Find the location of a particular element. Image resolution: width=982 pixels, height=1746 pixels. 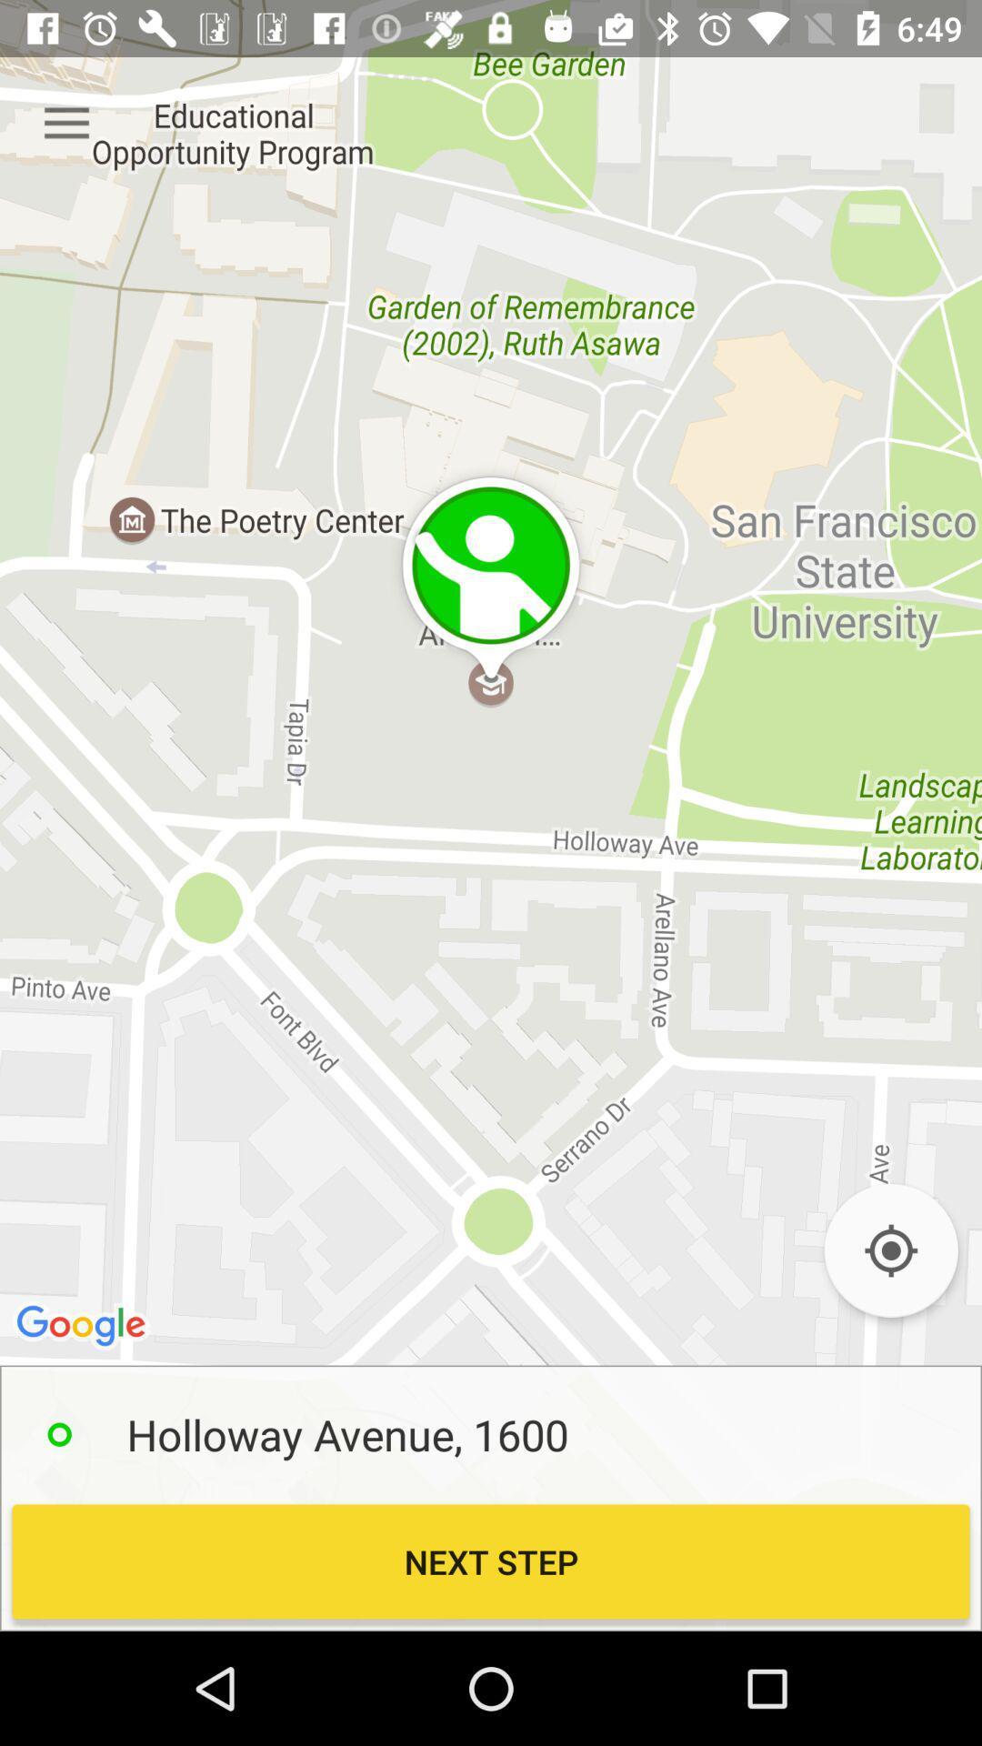

the location_crosshair icon is located at coordinates (890, 1249).